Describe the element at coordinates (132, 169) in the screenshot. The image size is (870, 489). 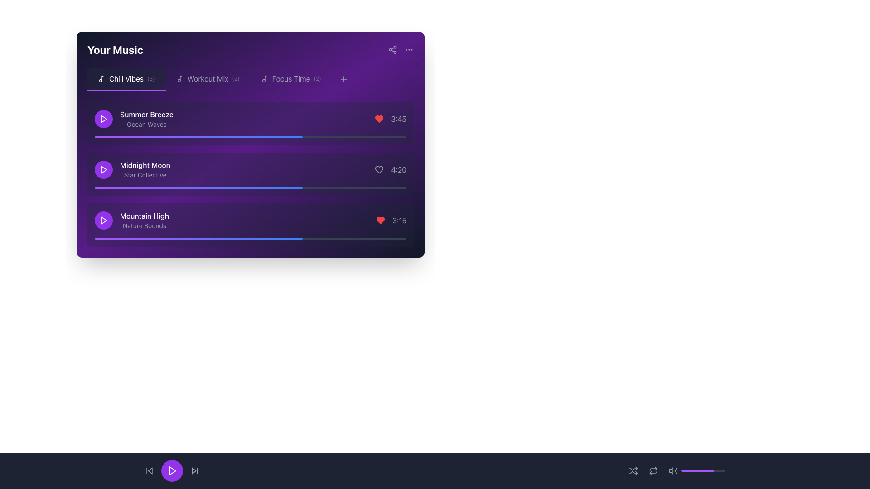
I see `the second list item in the 'Chill Vibes' category, which displays 'Midnight Moon' in bold white font and 'Star Collective' in smaller gray font, located near a rounded purple button with a play icon` at that location.